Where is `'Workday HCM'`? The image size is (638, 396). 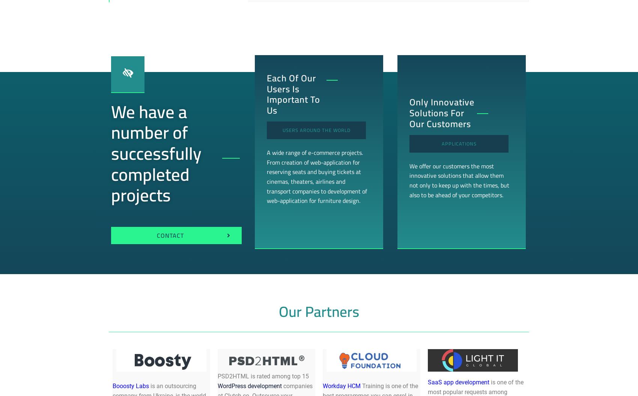
'Workday HCM' is located at coordinates (342, 385).